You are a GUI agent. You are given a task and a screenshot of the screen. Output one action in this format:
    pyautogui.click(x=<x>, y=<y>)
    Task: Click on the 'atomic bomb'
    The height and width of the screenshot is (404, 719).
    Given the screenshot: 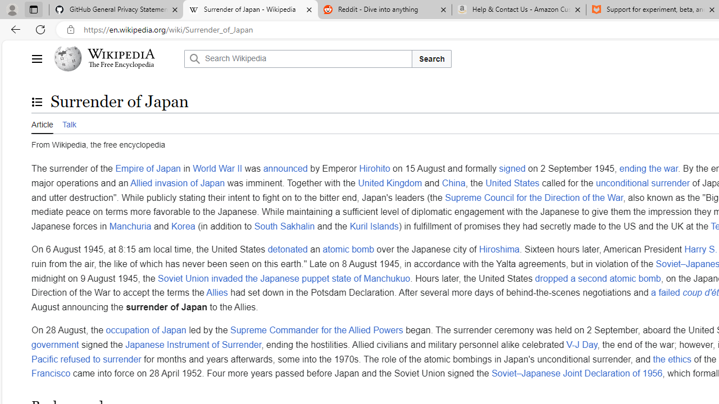 What is the action you would take?
    pyautogui.click(x=348, y=249)
    